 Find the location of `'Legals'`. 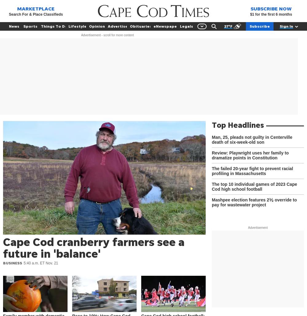

'Legals' is located at coordinates (186, 26).